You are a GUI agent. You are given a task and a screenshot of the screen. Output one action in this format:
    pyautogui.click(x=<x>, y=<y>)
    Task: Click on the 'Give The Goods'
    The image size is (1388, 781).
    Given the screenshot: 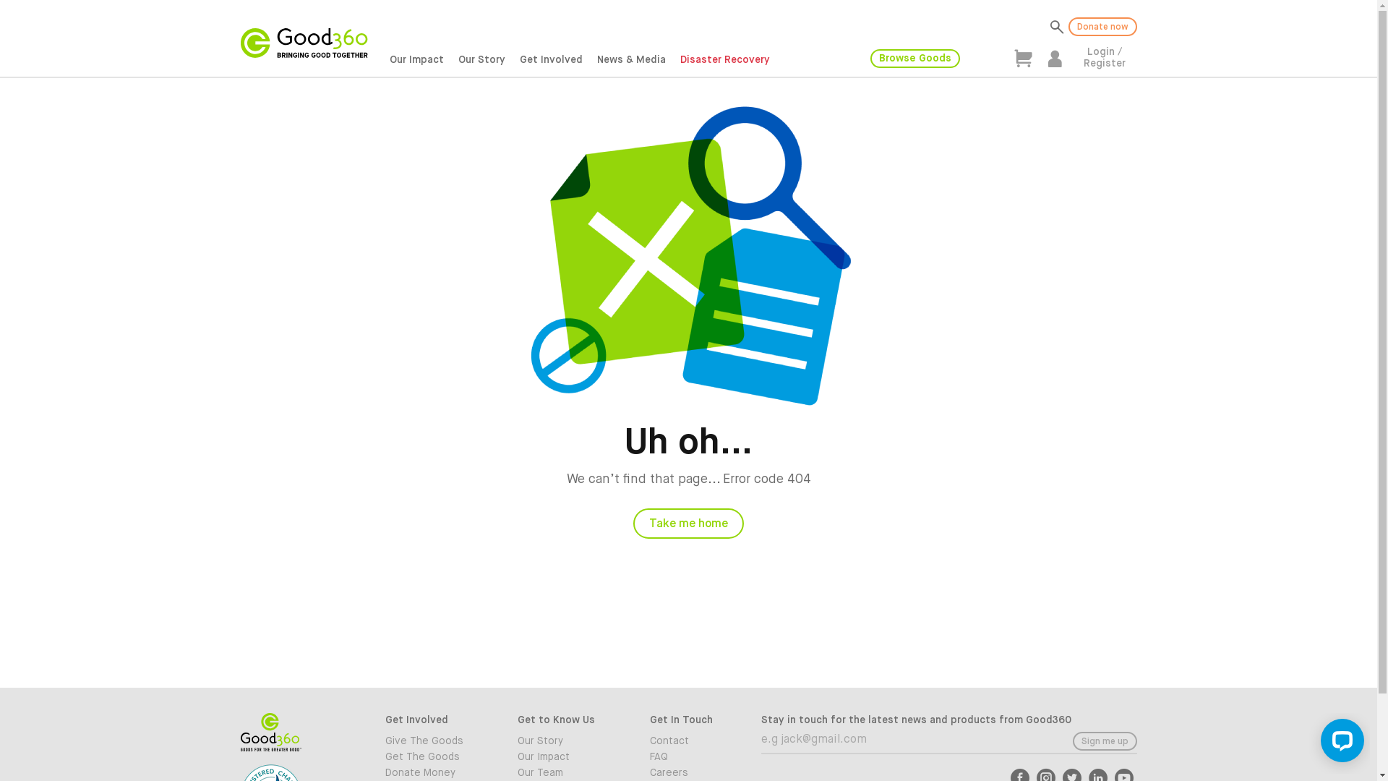 What is the action you would take?
    pyautogui.click(x=439, y=741)
    